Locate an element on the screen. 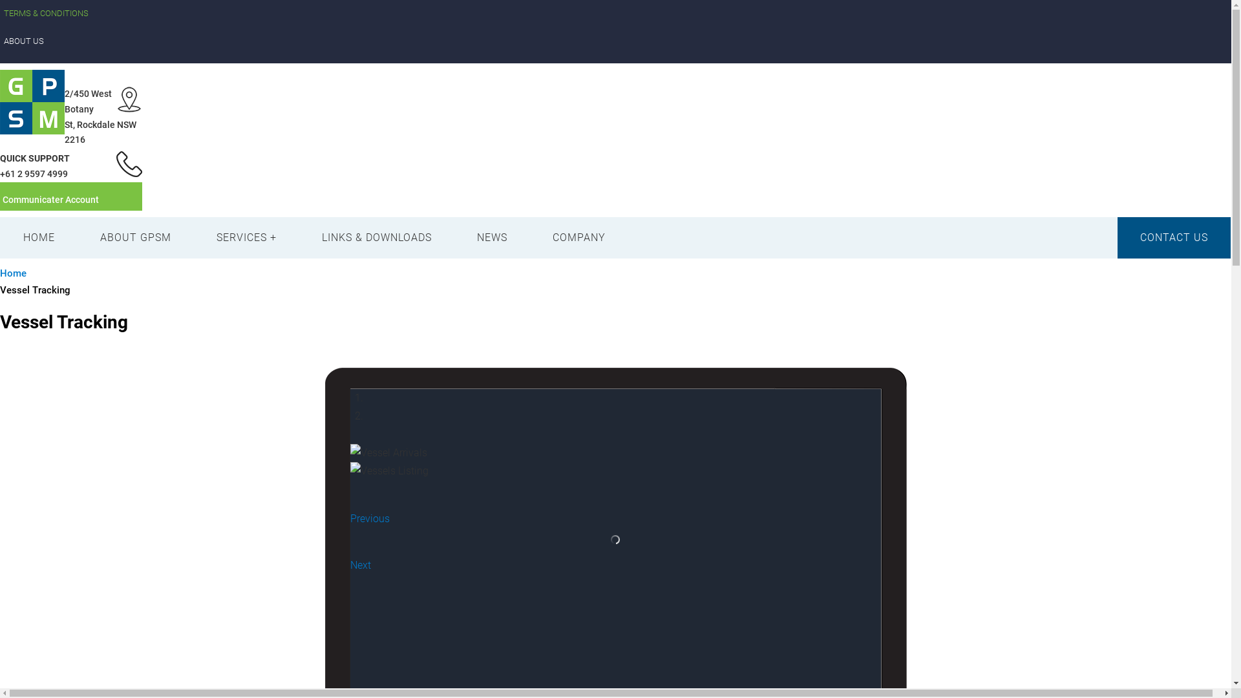 The image size is (1241, 698). 'COMPANY' is located at coordinates (578, 237).